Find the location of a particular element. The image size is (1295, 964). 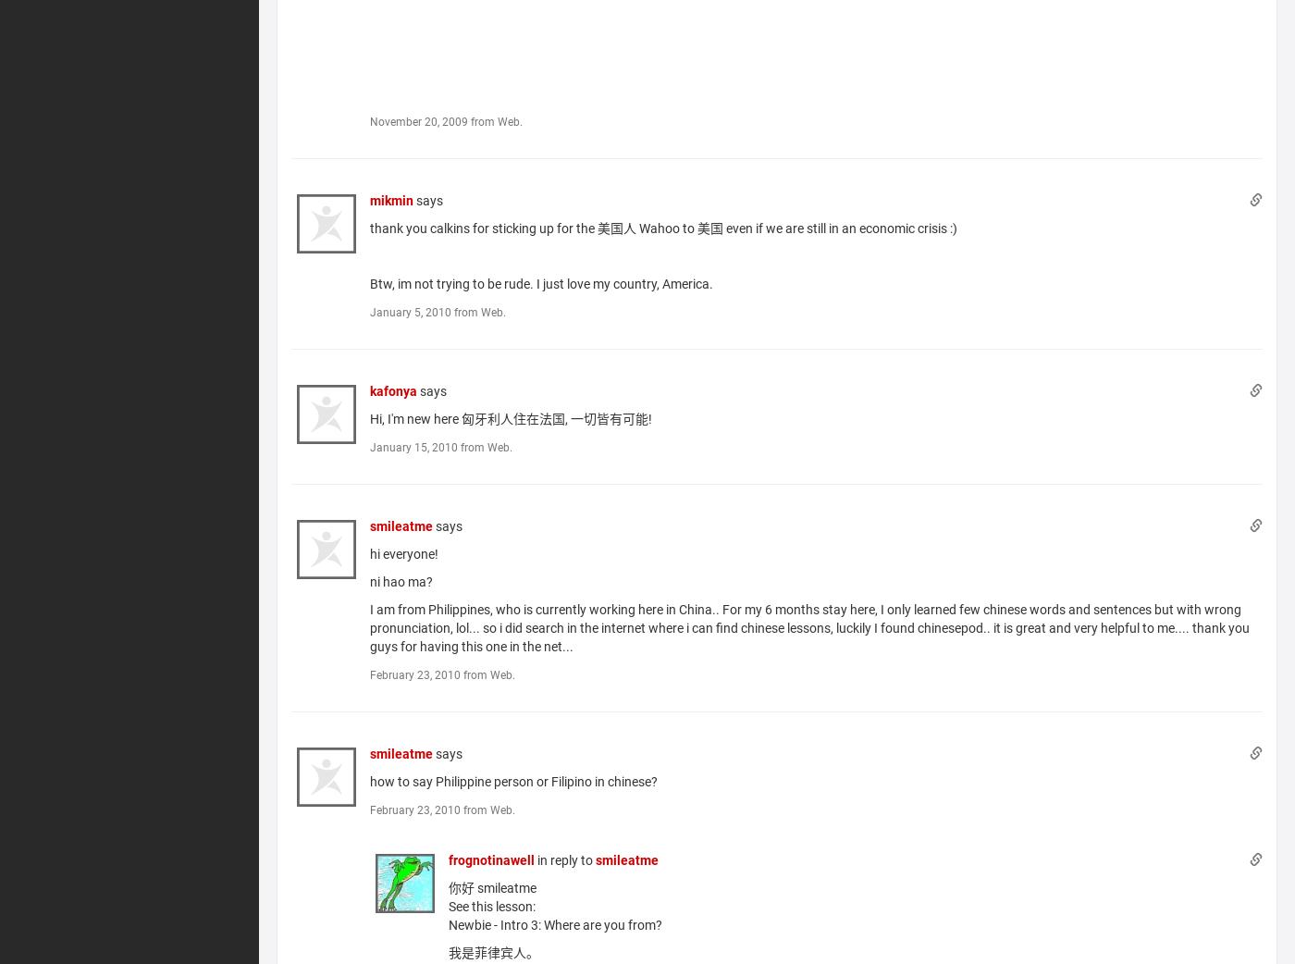

'frognotinawell' is located at coordinates (491, 859).